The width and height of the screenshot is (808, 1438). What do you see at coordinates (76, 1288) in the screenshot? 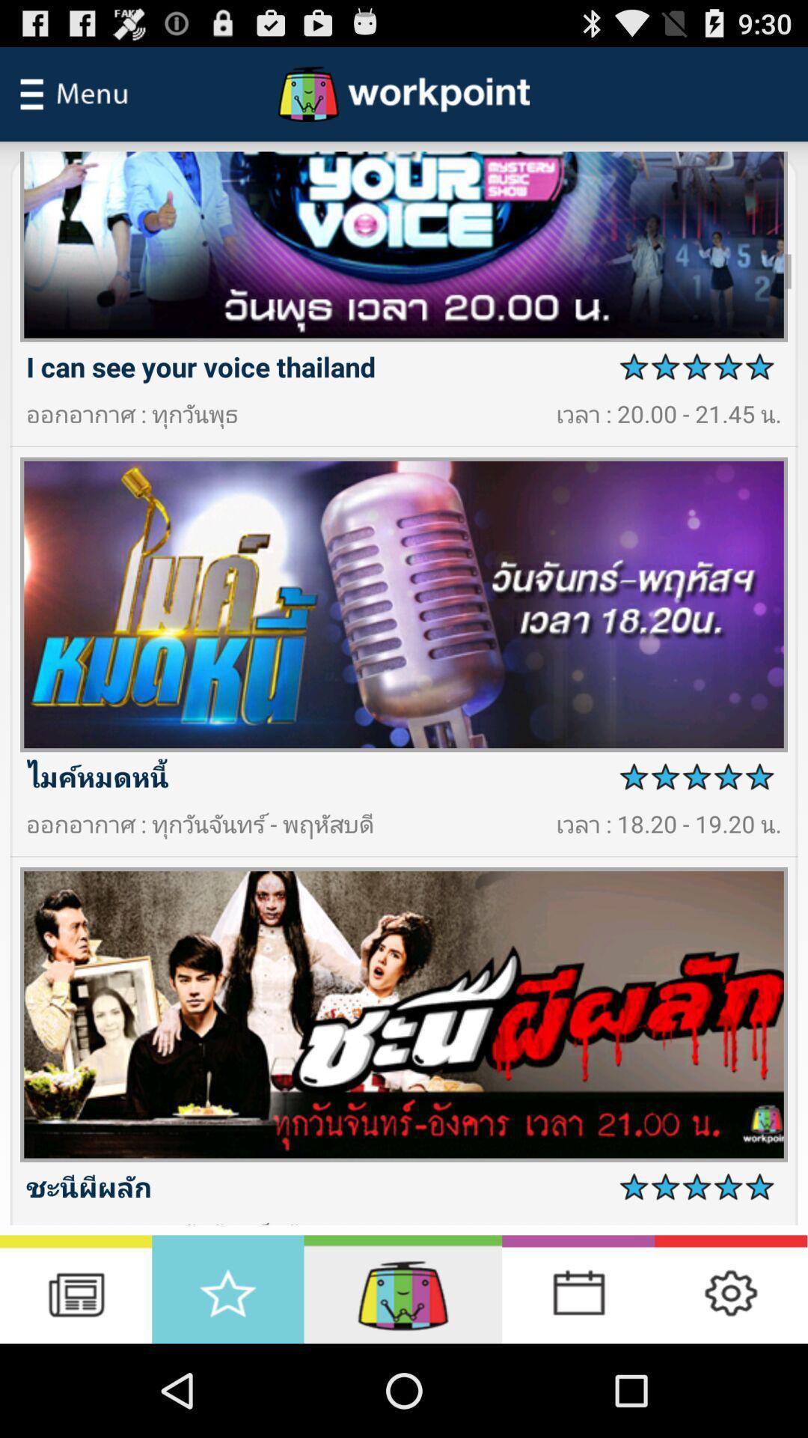
I see `open tv schedule` at bounding box center [76, 1288].